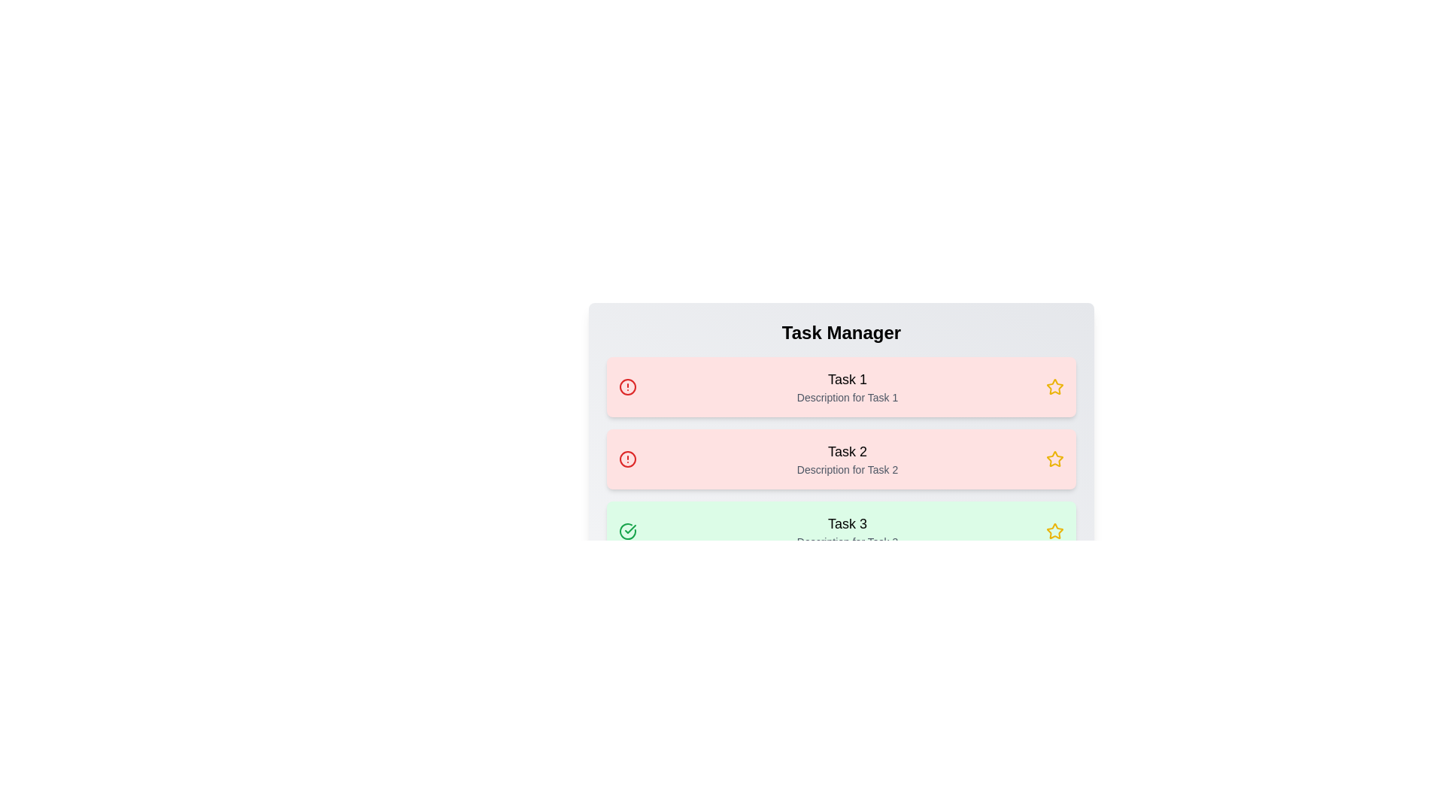 The image size is (1444, 812). What do you see at coordinates (1054, 458) in the screenshot?
I see `the star icon corresponding to 2 to mark it as a favorite` at bounding box center [1054, 458].